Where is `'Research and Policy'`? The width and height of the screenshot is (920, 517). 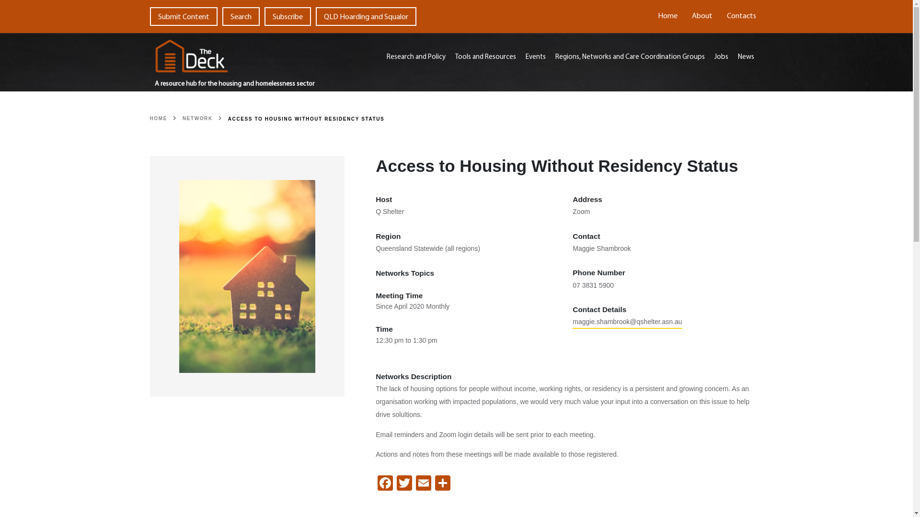
'Research and Policy' is located at coordinates (416, 57).